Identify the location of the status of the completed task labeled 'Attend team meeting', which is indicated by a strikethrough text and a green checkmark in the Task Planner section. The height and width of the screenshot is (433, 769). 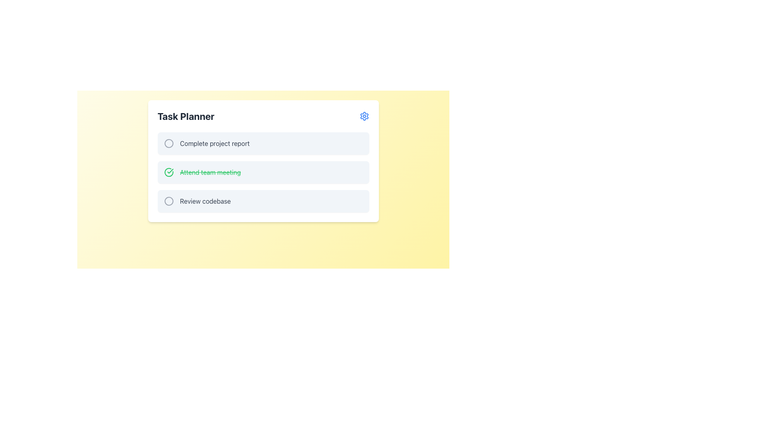
(202, 172).